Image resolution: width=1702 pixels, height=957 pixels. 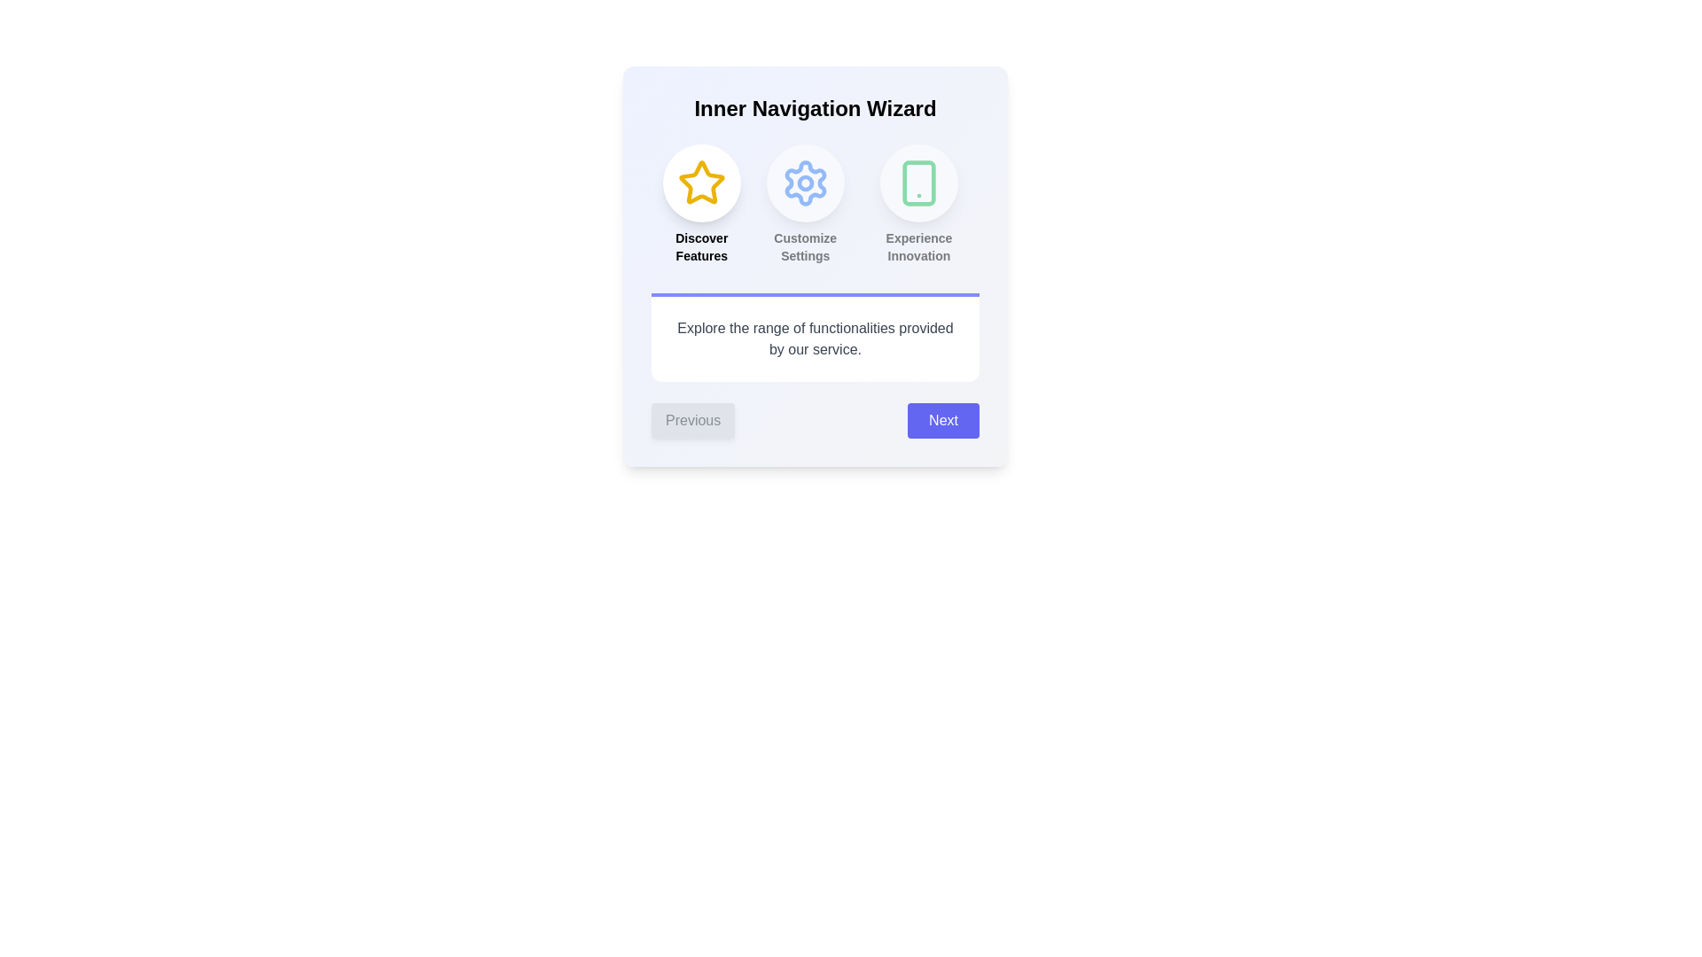 What do you see at coordinates (942, 420) in the screenshot?
I see `'Next' button to proceed to the next step` at bounding box center [942, 420].